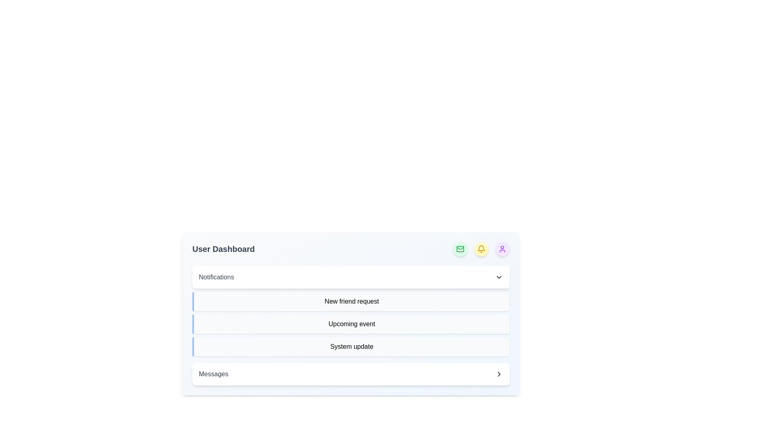 The image size is (776, 436). I want to click on the notification button with a bell icon located in the top-right area of the user dashboard interface to interact with it, so click(481, 249).